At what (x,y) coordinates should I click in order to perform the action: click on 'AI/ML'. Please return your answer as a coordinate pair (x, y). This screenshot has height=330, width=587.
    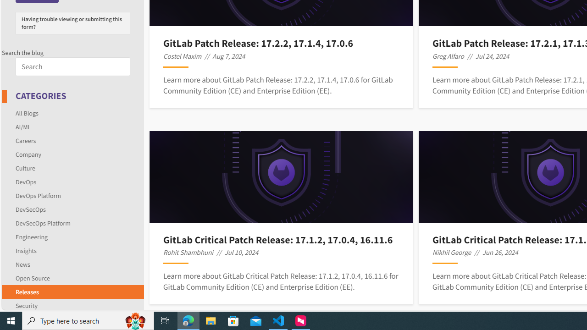
    Looking at the image, I should click on (23, 126).